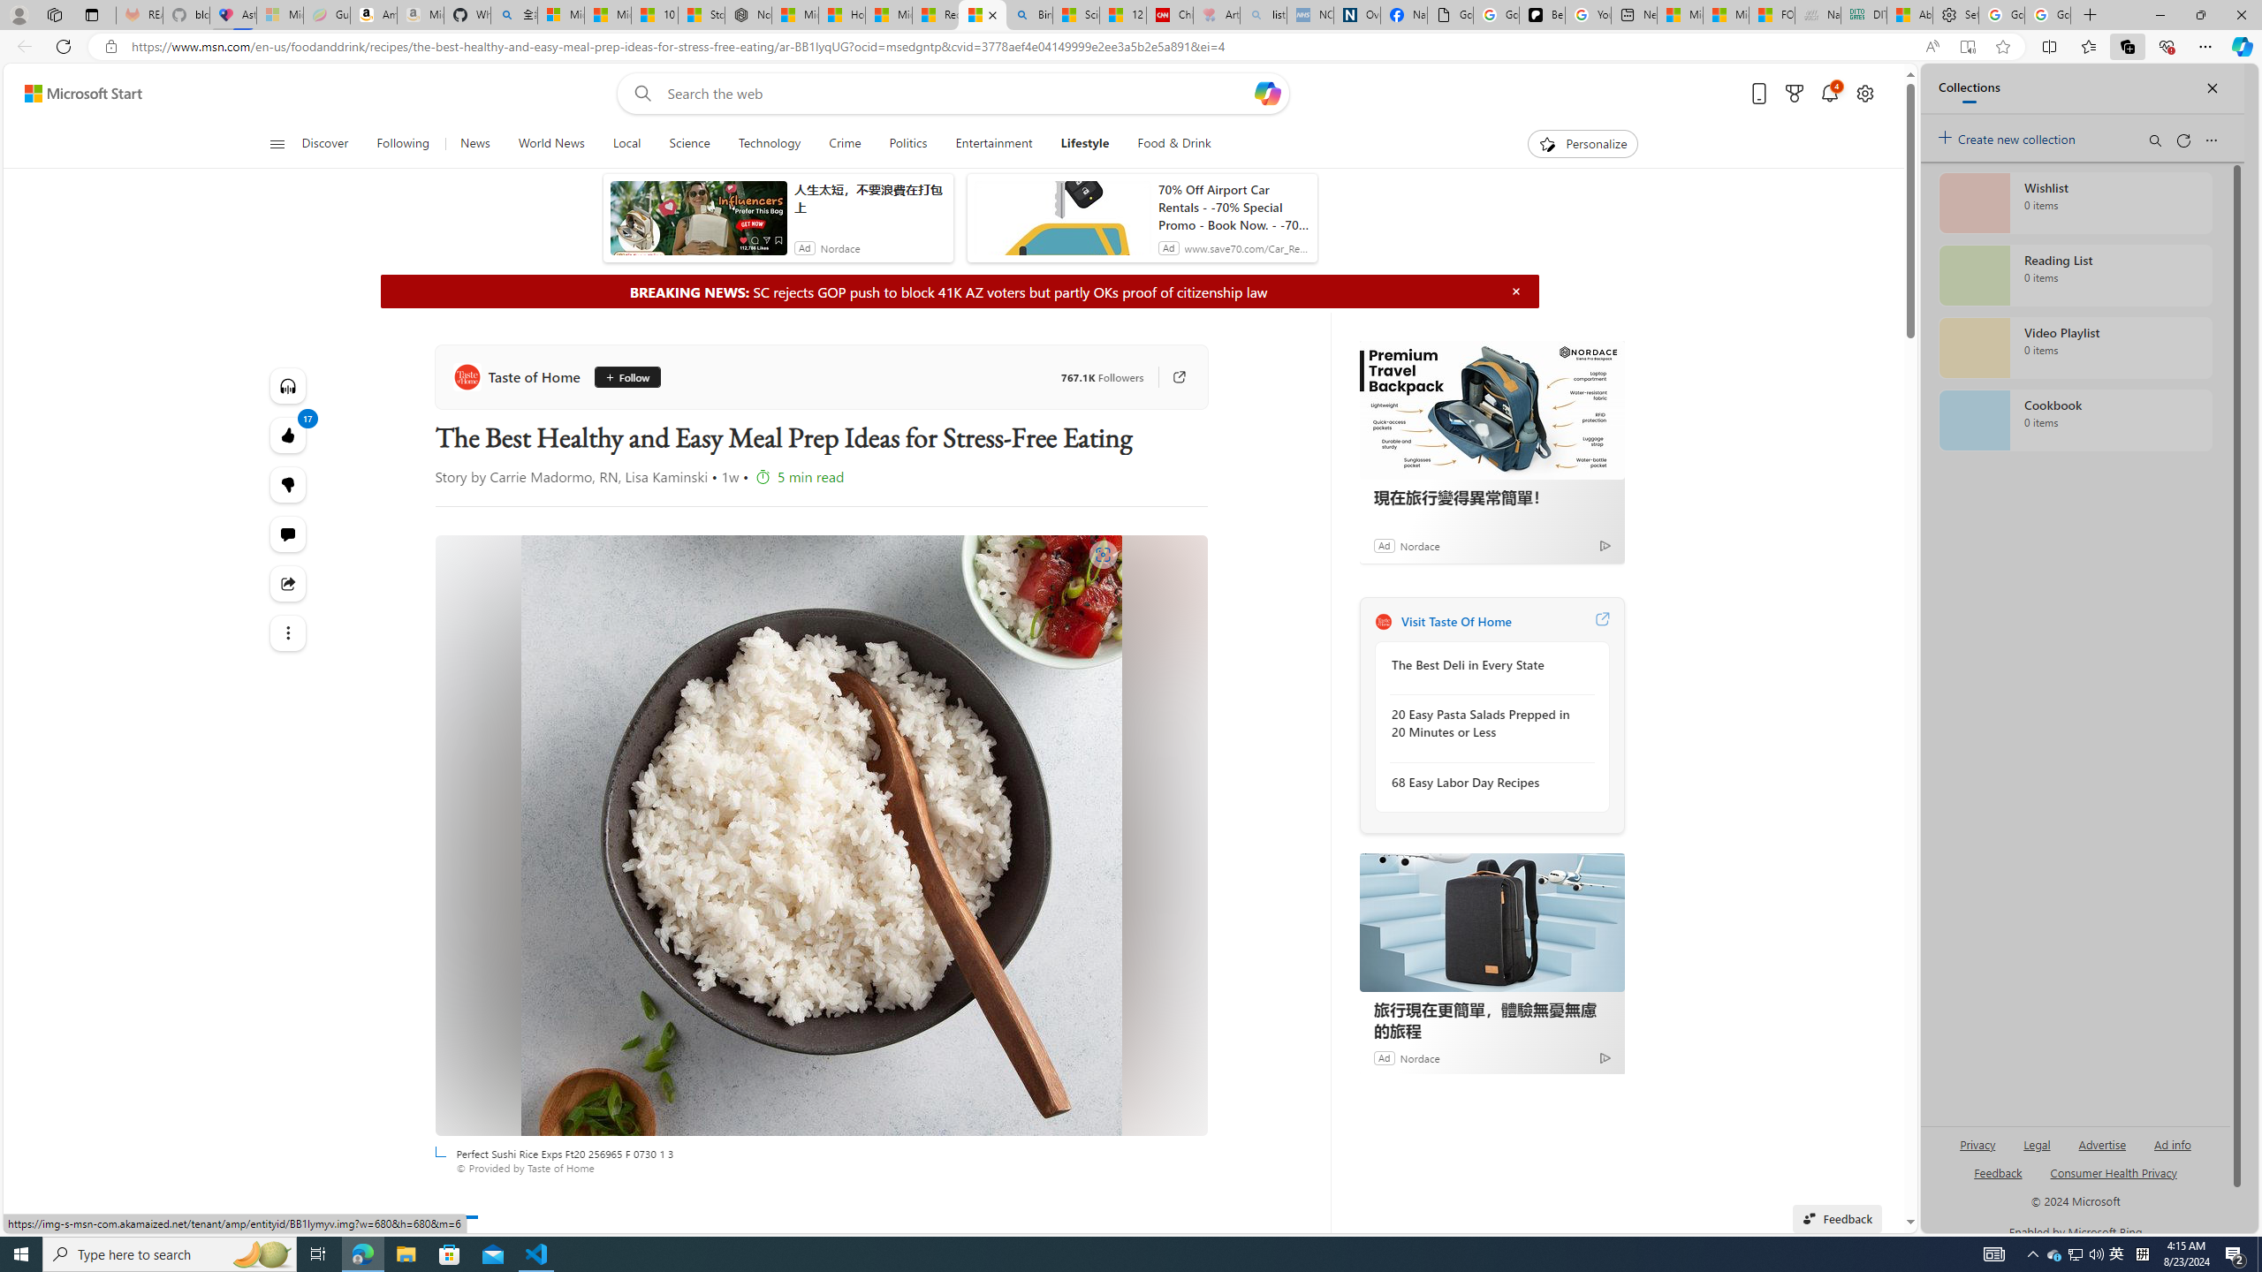  What do you see at coordinates (748, 14) in the screenshot?
I see `'Nordace - Nordace Siena Is Not An Ordinary Backpack'` at bounding box center [748, 14].